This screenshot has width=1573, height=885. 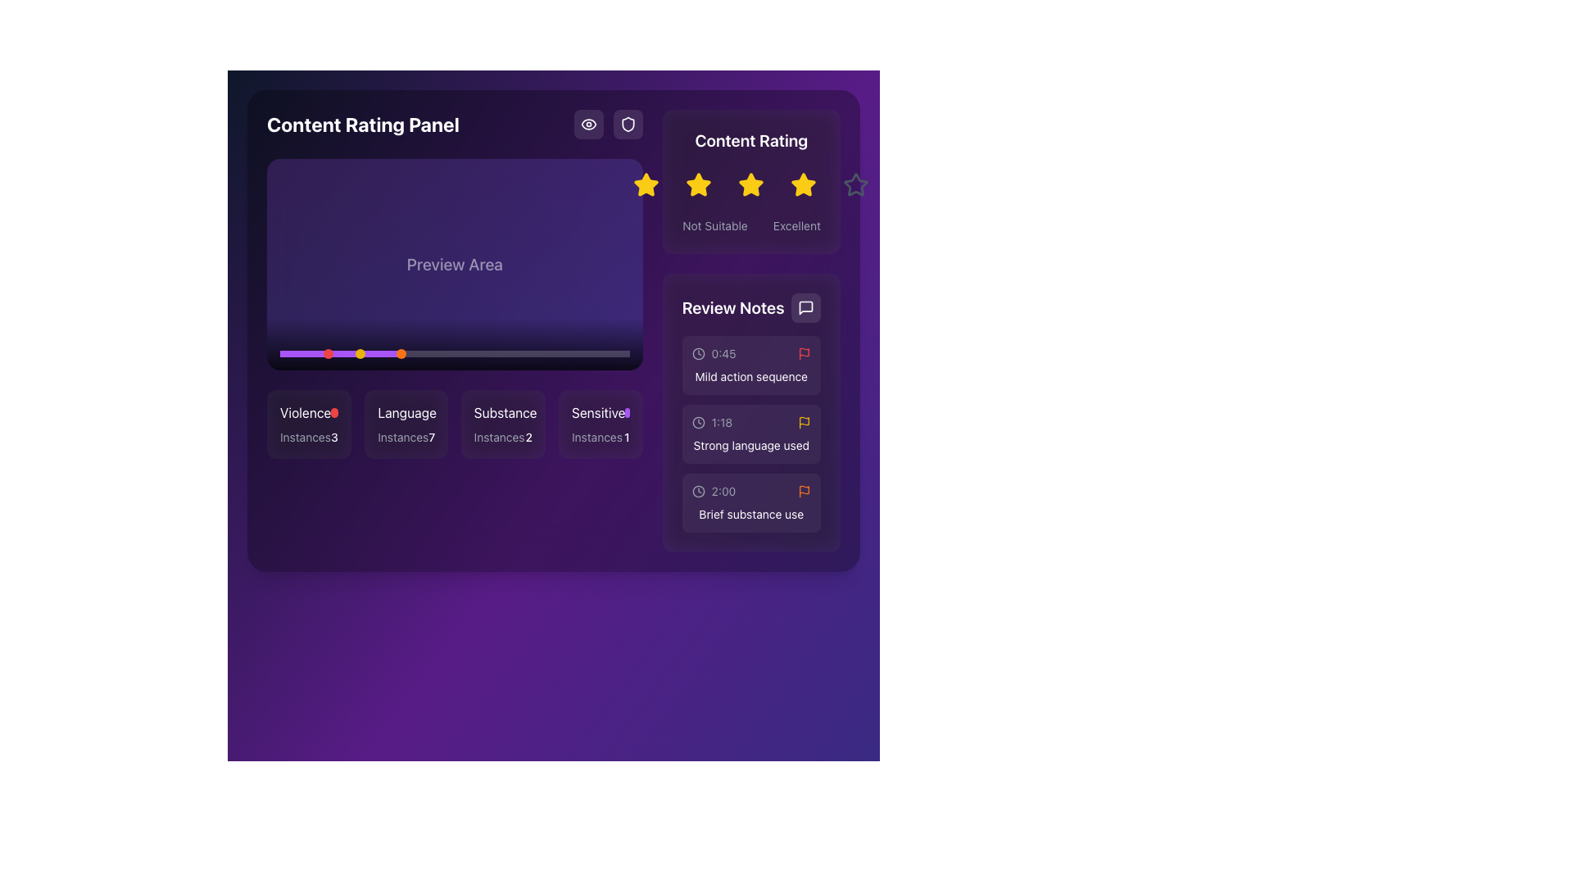 What do you see at coordinates (750, 412) in the screenshot?
I see `the Sectioned information box, which features a subtle white overlay, rounded corners, and contains three segments of content with timestamps and descriptions` at bounding box center [750, 412].